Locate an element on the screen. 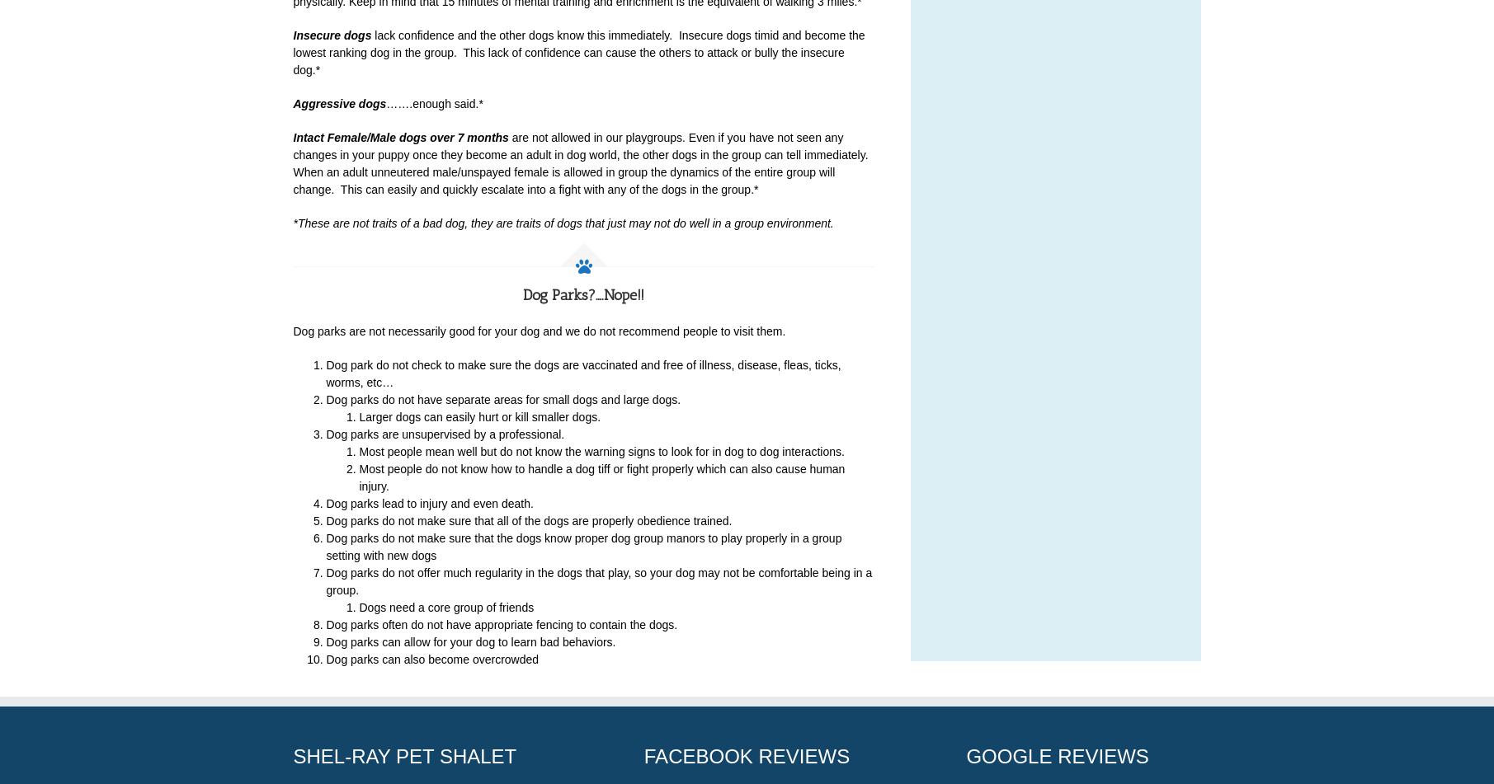 This screenshot has height=784, width=1494. 'Most people do not know how to handle a dog tiff or fight properly which can also cause human injury.' is located at coordinates (601, 477).